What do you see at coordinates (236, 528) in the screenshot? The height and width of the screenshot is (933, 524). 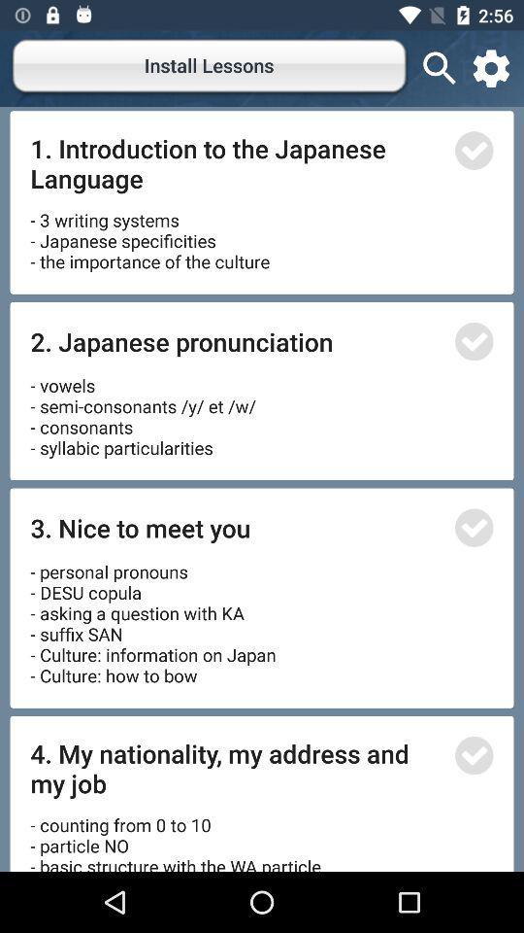 I see `3 nice to` at bounding box center [236, 528].